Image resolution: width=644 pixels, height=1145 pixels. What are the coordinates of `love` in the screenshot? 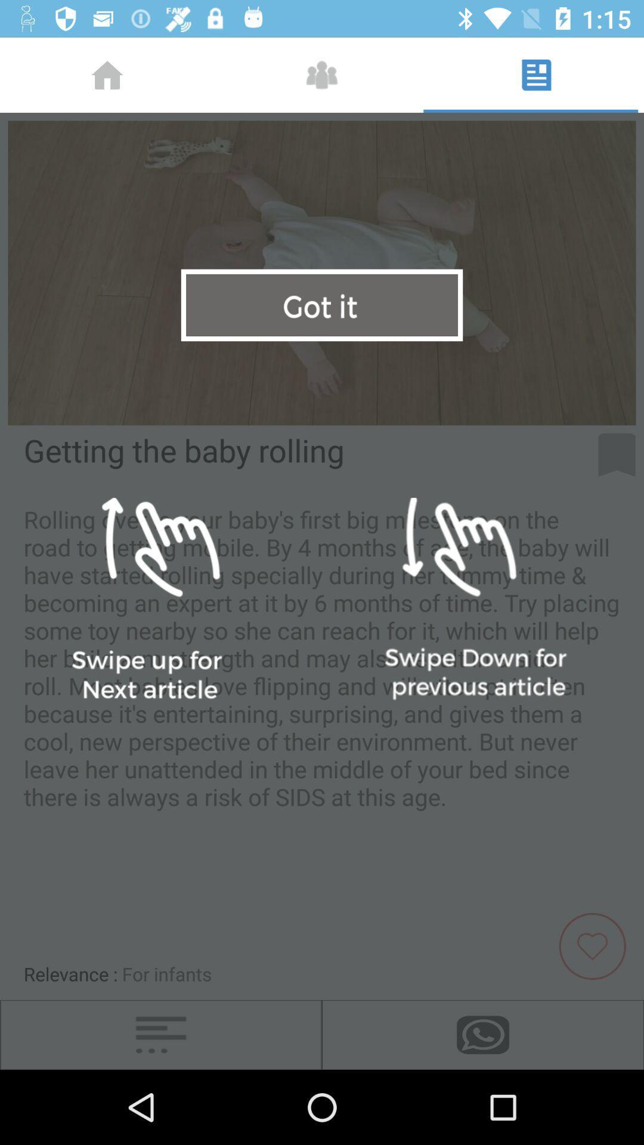 It's located at (597, 945).